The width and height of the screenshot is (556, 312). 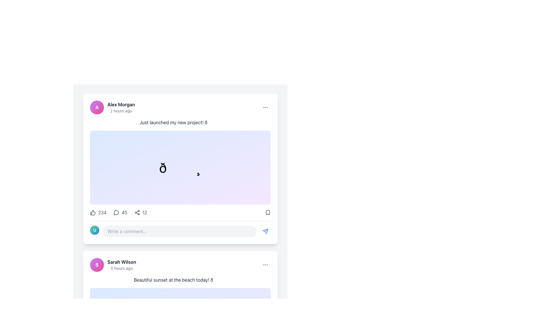 I want to click on timestamp displayed in the text label located in the bottom-left corner of the comment or post area, directly below 'Sarah Wilson', so click(x=121, y=268).